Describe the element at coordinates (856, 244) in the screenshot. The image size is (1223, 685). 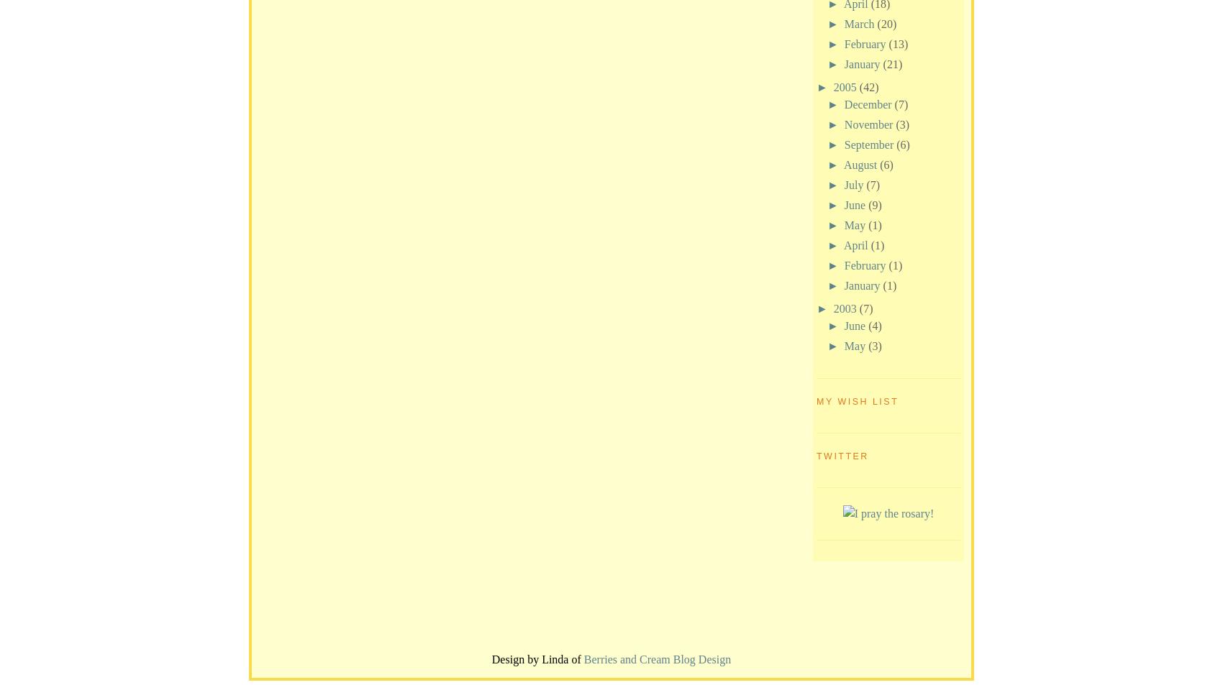
I see `'April'` at that location.